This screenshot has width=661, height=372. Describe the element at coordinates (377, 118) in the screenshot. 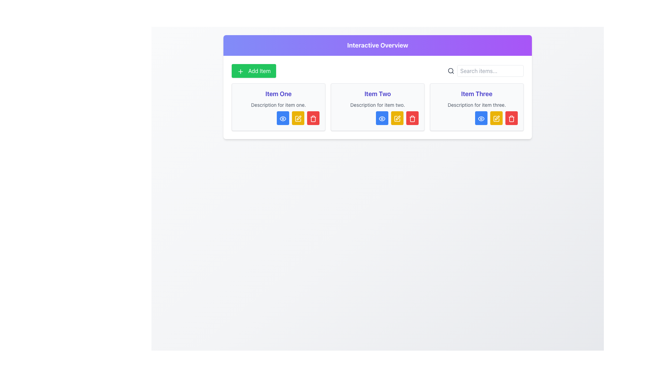

I see `the small blue button with an eye icon located at the bottom-right of the 'Item Two' card` at that location.